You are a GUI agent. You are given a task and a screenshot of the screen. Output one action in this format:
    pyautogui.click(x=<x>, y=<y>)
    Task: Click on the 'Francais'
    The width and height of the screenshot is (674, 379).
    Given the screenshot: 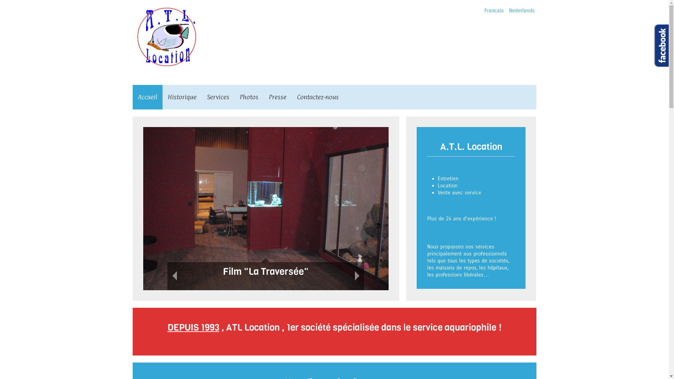 What is the action you would take?
    pyautogui.click(x=484, y=11)
    